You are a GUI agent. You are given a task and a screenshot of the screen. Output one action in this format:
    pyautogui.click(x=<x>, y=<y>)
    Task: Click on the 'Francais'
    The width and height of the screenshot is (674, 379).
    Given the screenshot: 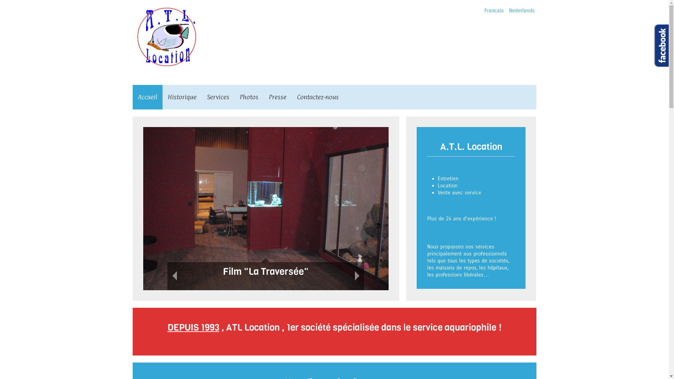 What is the action you would take?
    pyautogui.click(x=484, y=11)
    